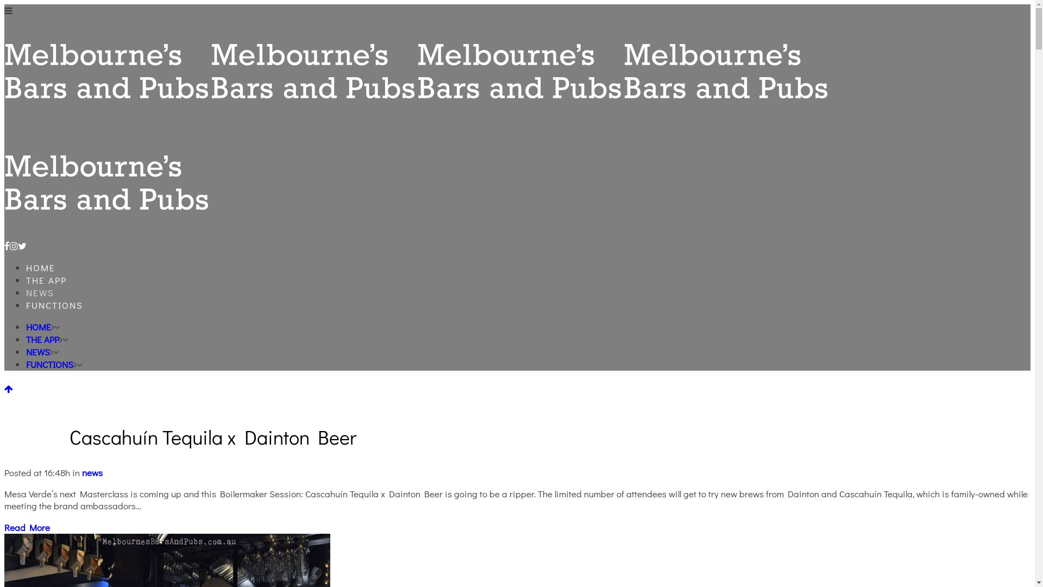  I want to click on 'news', so click(81, 472).